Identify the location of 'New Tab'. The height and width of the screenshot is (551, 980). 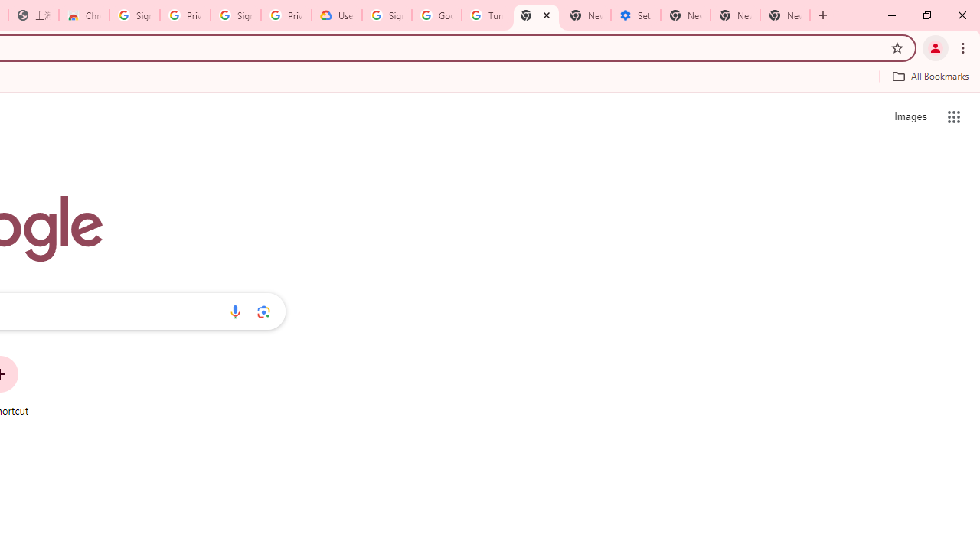
(785, 15).